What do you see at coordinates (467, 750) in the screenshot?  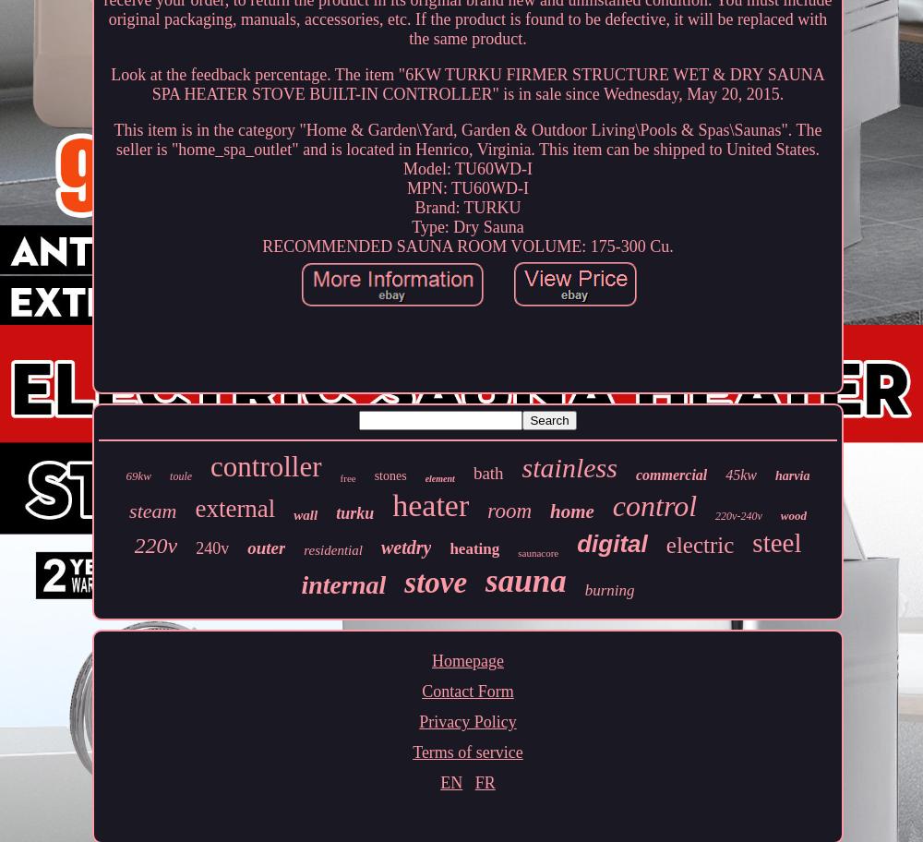 I see `'Terms of service'` at bounding box center [467, 750].